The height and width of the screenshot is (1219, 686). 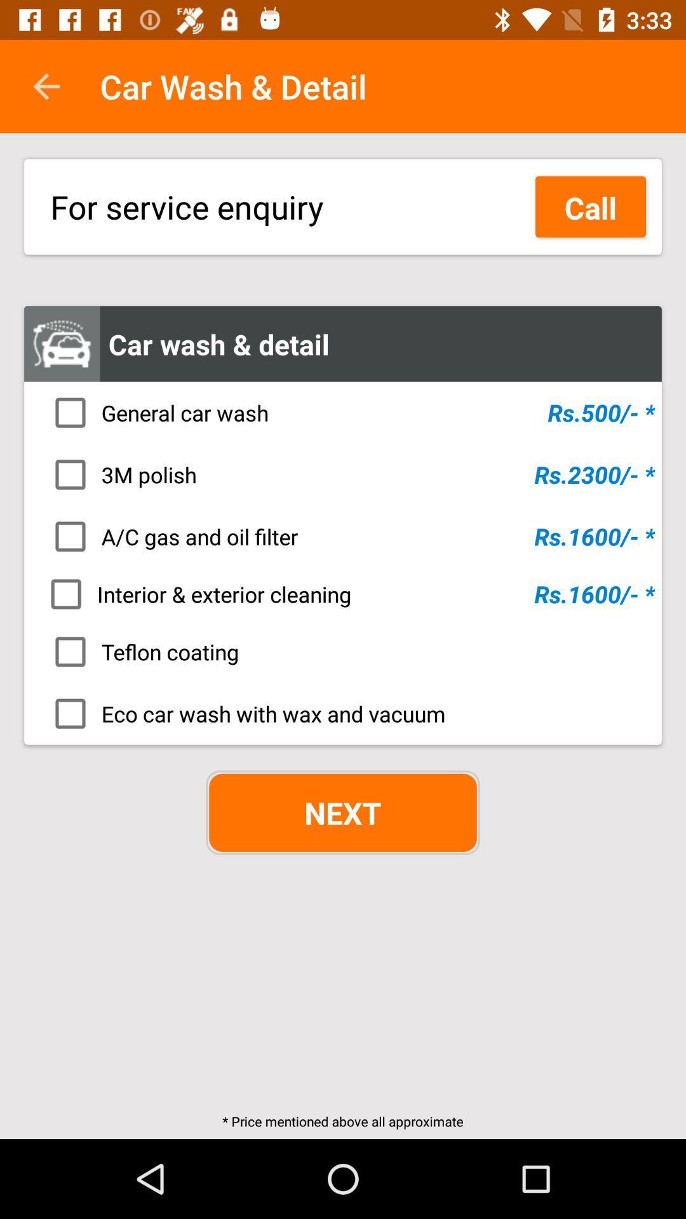 I want to click on icon above eco car wash icon, so click(x=347, y=651).